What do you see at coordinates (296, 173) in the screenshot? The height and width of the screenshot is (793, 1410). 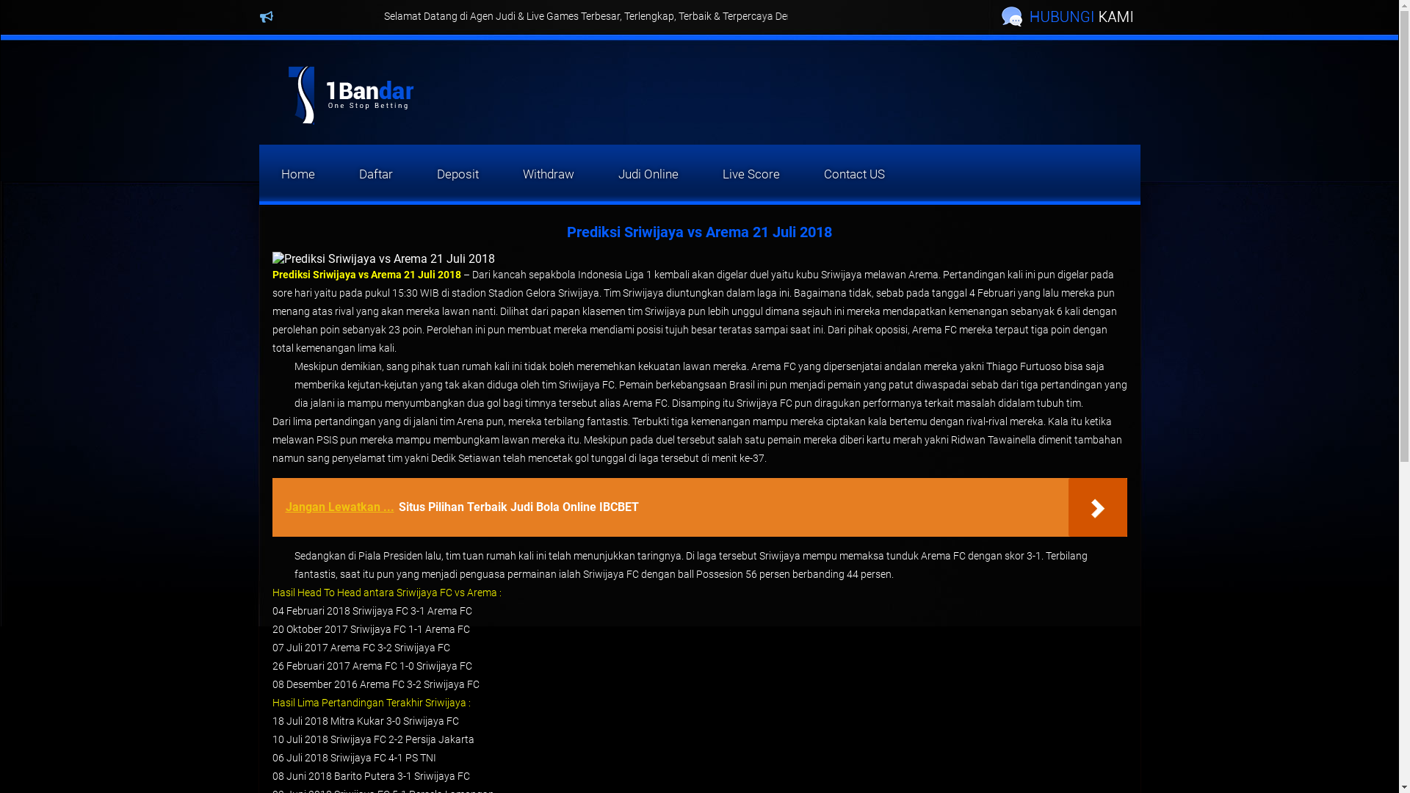 I see `'Home'` at bounding box center [296, 173].